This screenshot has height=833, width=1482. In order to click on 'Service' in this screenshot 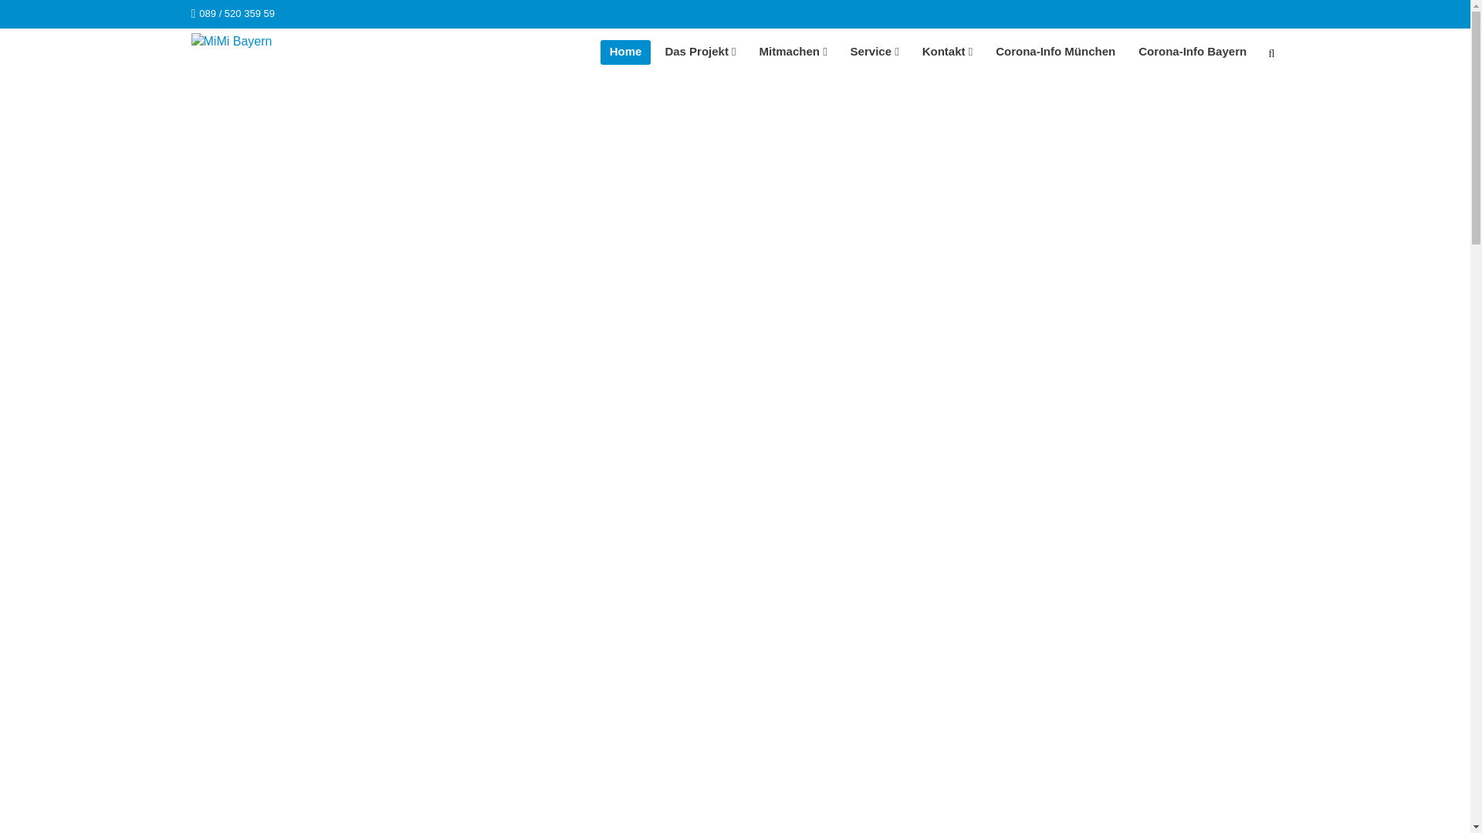, I will do `click(875, 52)`.